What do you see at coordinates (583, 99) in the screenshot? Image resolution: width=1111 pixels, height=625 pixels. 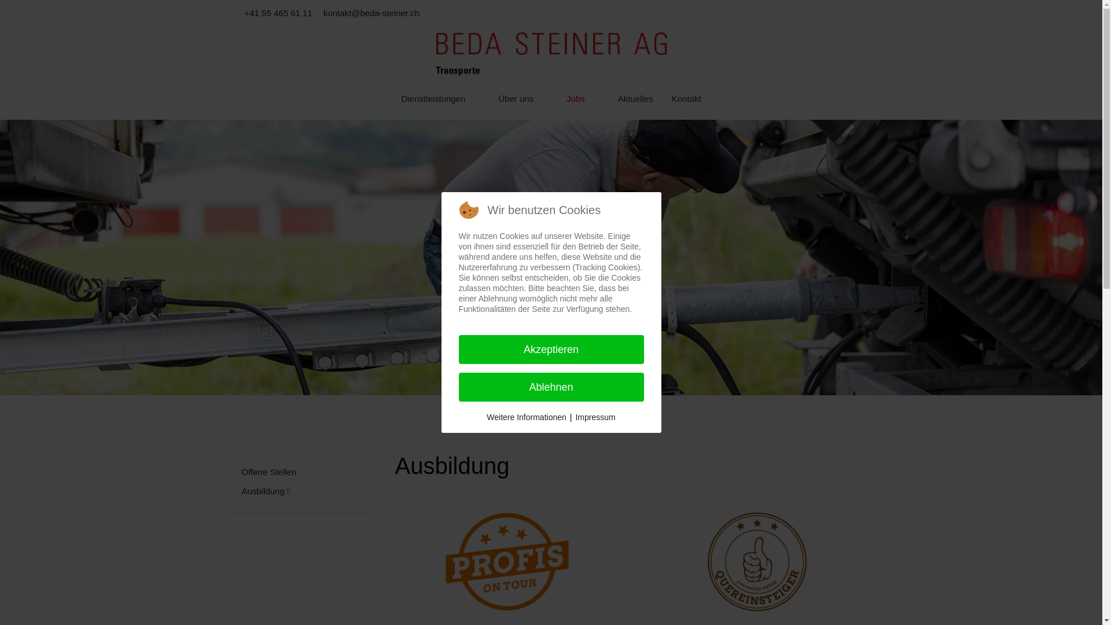 I see `'Jobs'` at bounding box center [583, 99].